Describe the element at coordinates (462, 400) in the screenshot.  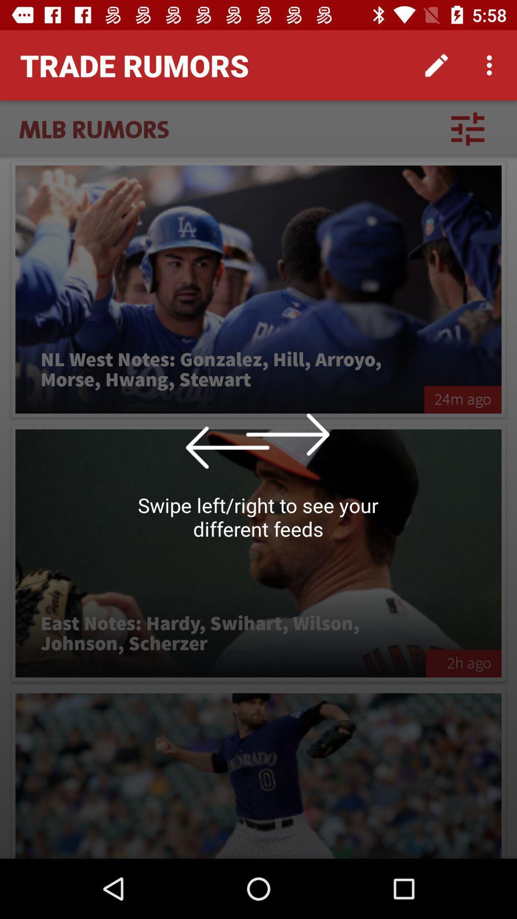
I see `the 24m ago icon` at that location.